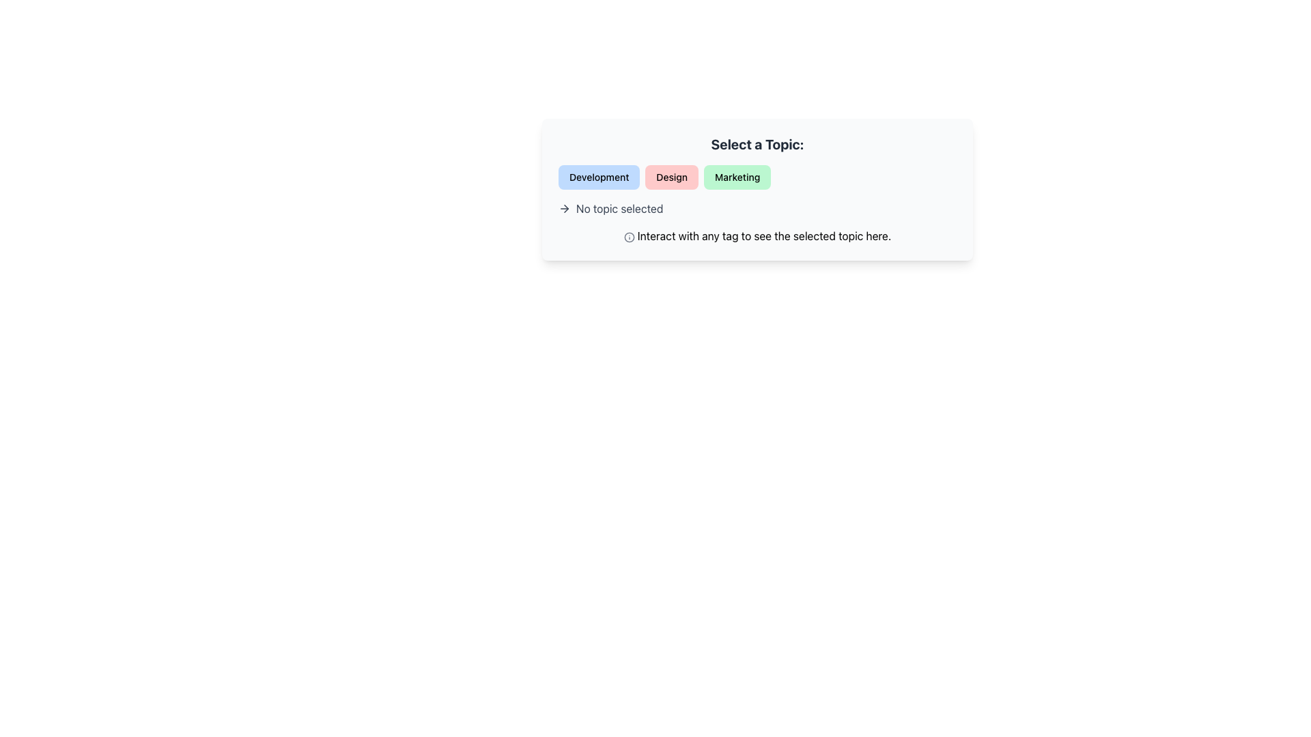 The width and height of the screenshot is (1311, 737). I want to click on the 'Marketing' category button, which is the third button in a horizontal arrangement at the top center of the interface, so click(737, 176).